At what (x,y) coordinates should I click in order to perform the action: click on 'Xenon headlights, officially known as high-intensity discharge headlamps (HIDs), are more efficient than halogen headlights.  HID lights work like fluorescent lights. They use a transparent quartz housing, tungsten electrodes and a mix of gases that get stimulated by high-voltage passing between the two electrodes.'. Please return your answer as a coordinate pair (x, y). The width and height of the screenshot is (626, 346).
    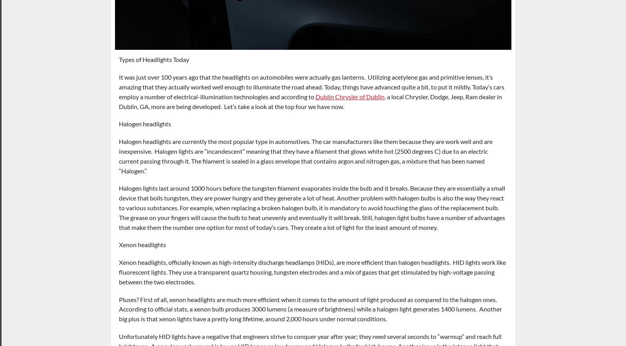
    Looking at the image, I should click on (312, 271).